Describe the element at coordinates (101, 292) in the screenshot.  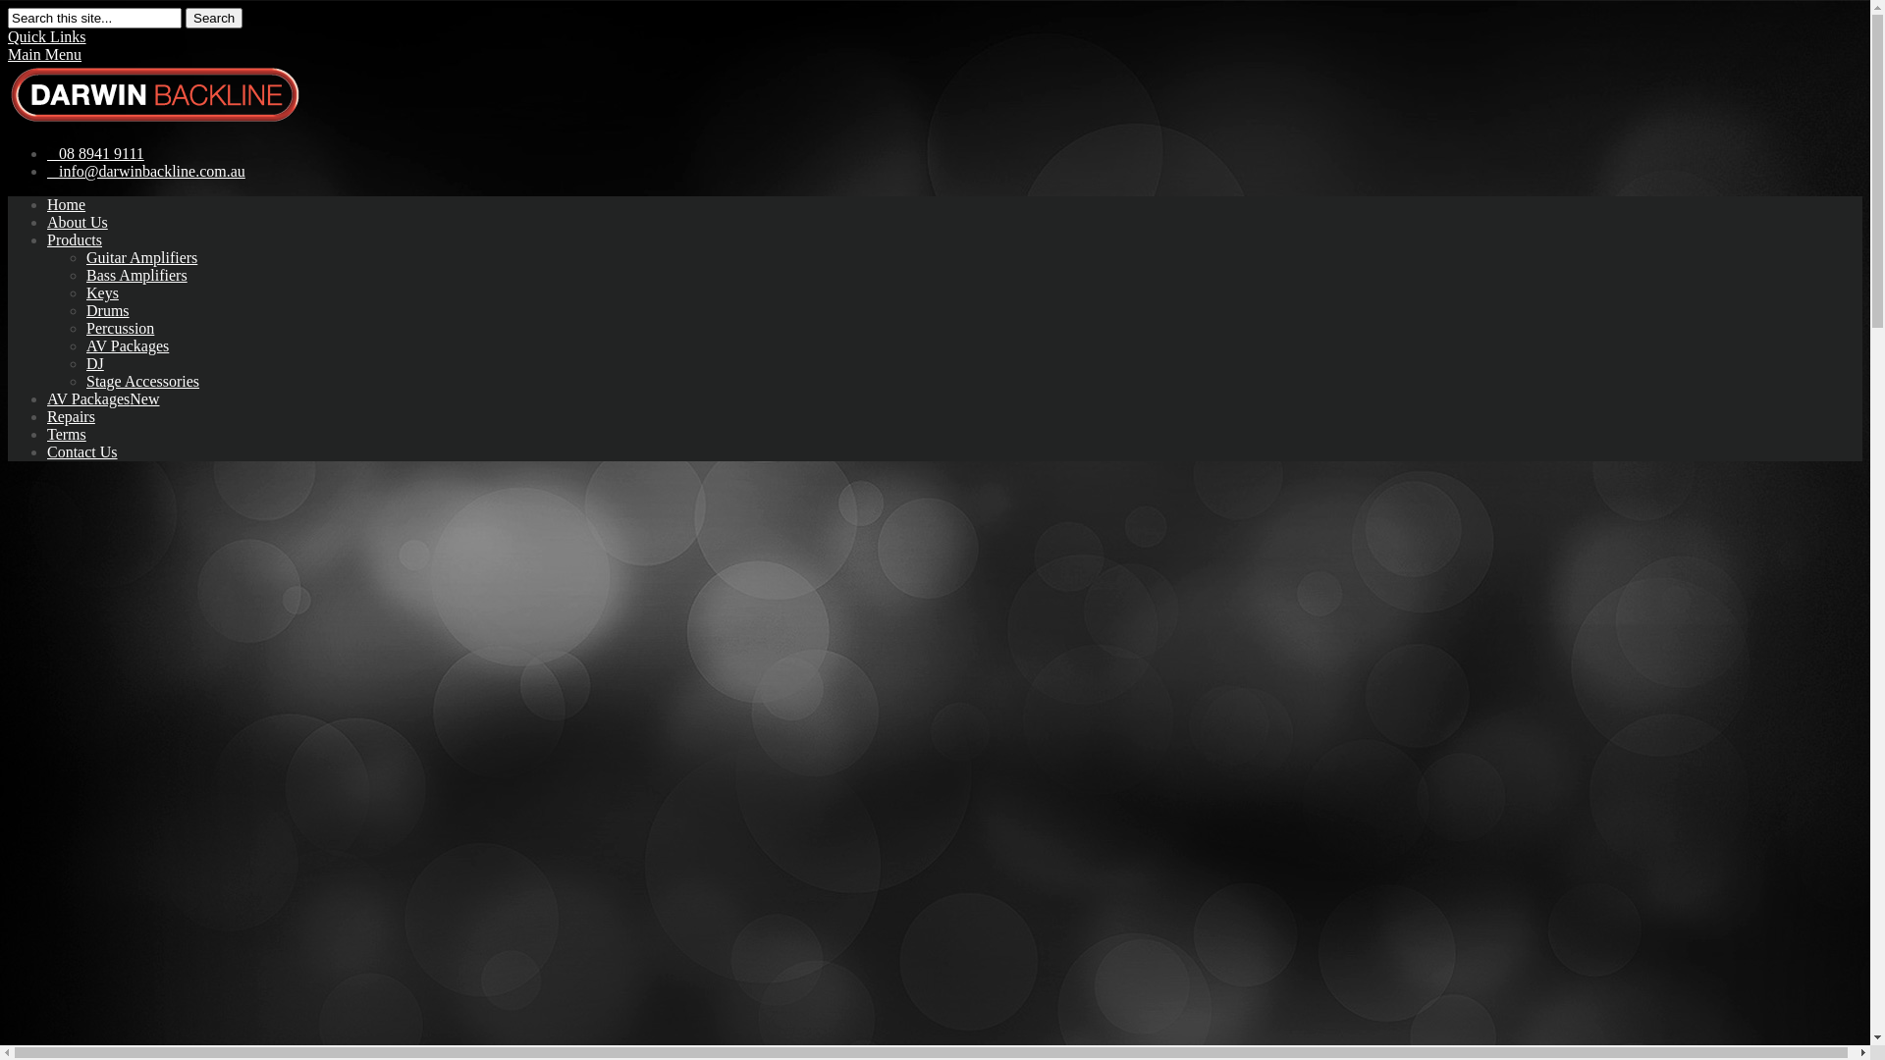
I see `'Keys'` at that location.